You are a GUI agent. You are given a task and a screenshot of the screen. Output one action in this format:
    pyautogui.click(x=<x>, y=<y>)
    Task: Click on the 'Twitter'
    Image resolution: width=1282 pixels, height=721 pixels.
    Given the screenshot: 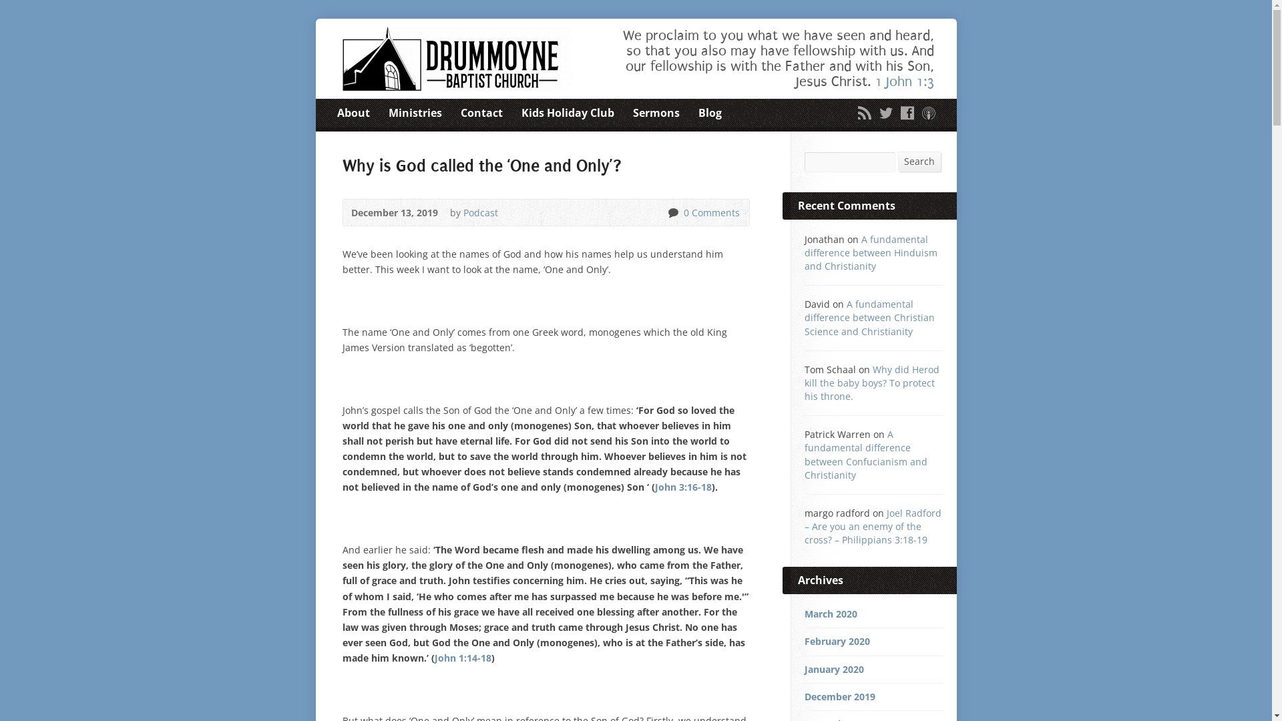 What is the action you would take?
    pyautogui.click(x=885, y=112)
    